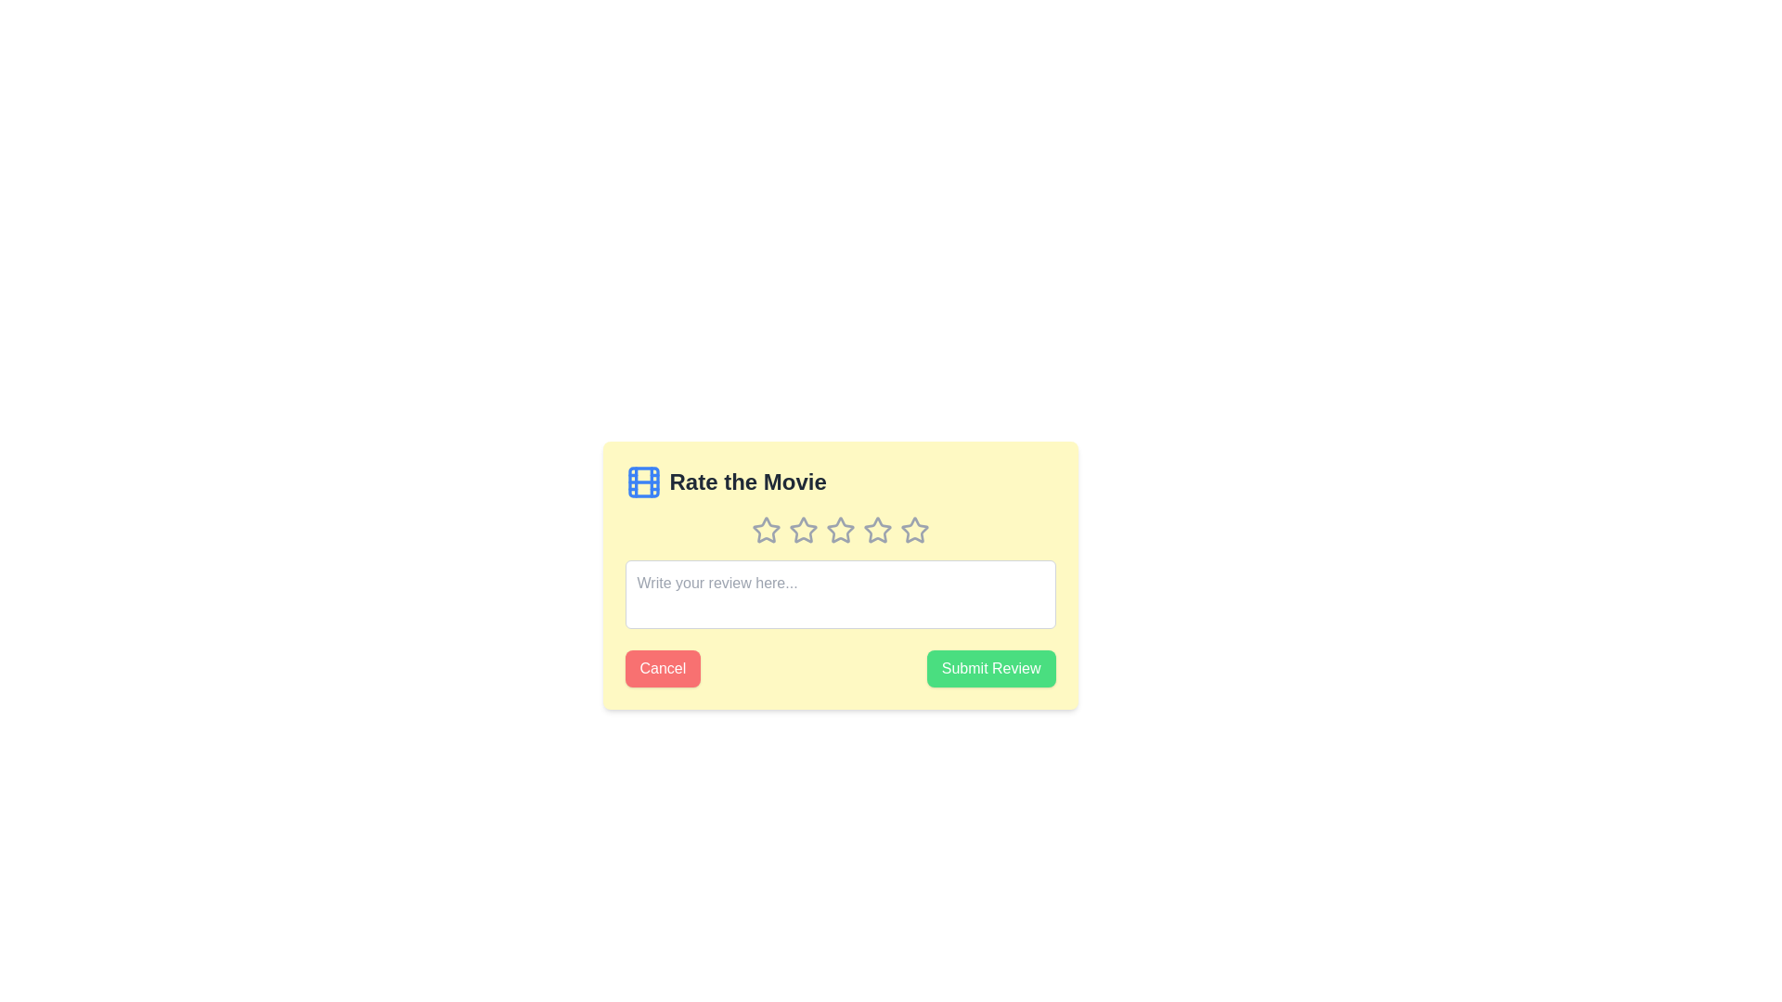 Image resolution: width=1782 pixels, height=1002 pixels. Describe the element at coordinates (748, 482) in the screenshot. I see `the bold text label reading 'Rate the Movie', which is aligned horizontally next to a film strip icon and positioned above five star icons` at that location.